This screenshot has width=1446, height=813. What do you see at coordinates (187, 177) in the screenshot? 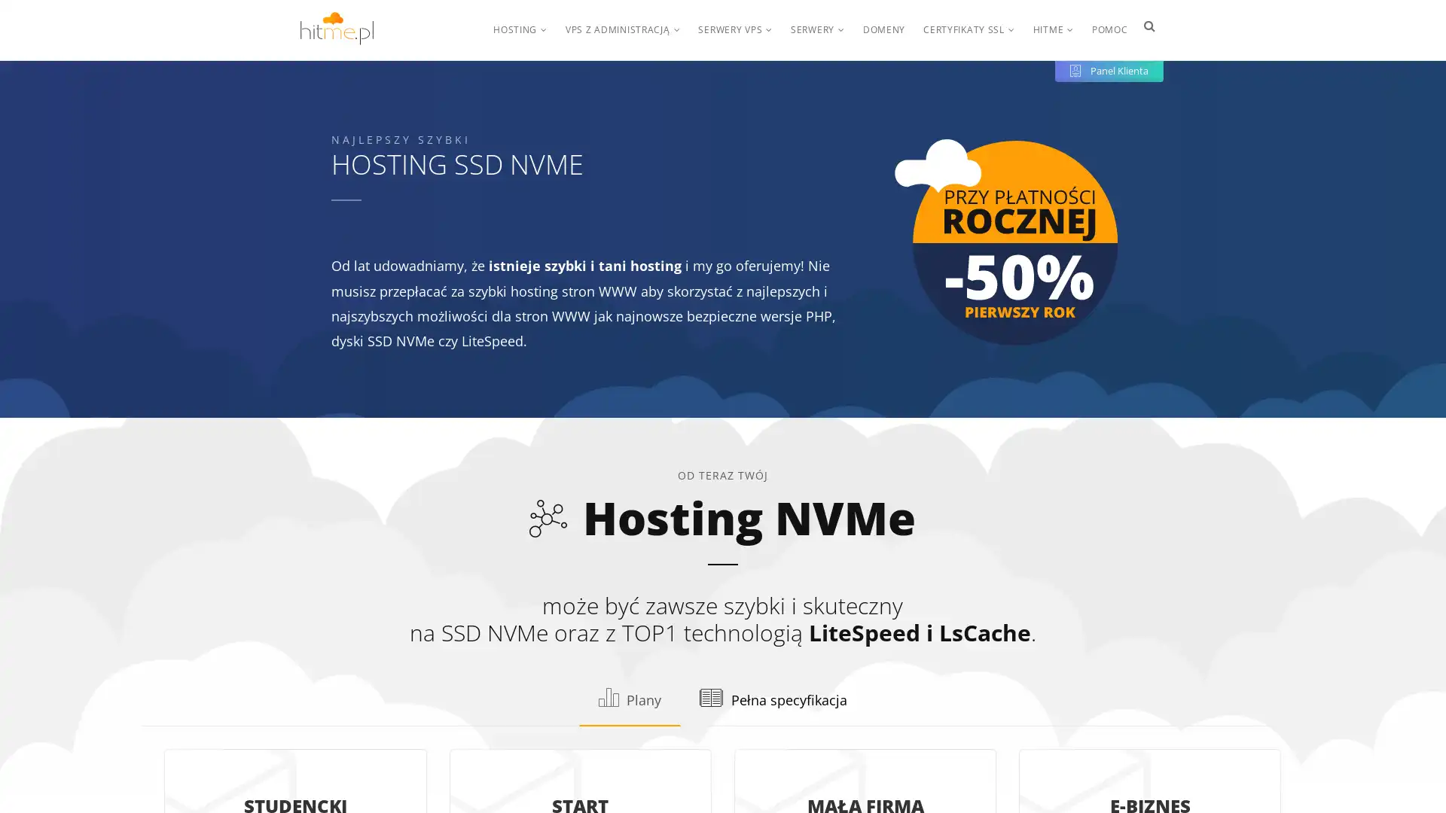
I see `OK, rozumiem` at bounding box center [187, 177].